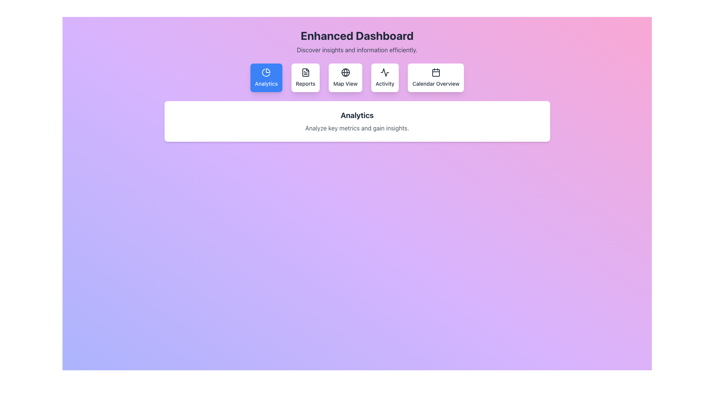 The height and width of the screenshot is (406, 723). What do you see at coordinates (266, 72) in the screenshot?
I see `the pie chart icon located inside the first blue button labeled 'Analytics' under 'Enhanced Dashboard' passively` at bounding box center [266, 72].